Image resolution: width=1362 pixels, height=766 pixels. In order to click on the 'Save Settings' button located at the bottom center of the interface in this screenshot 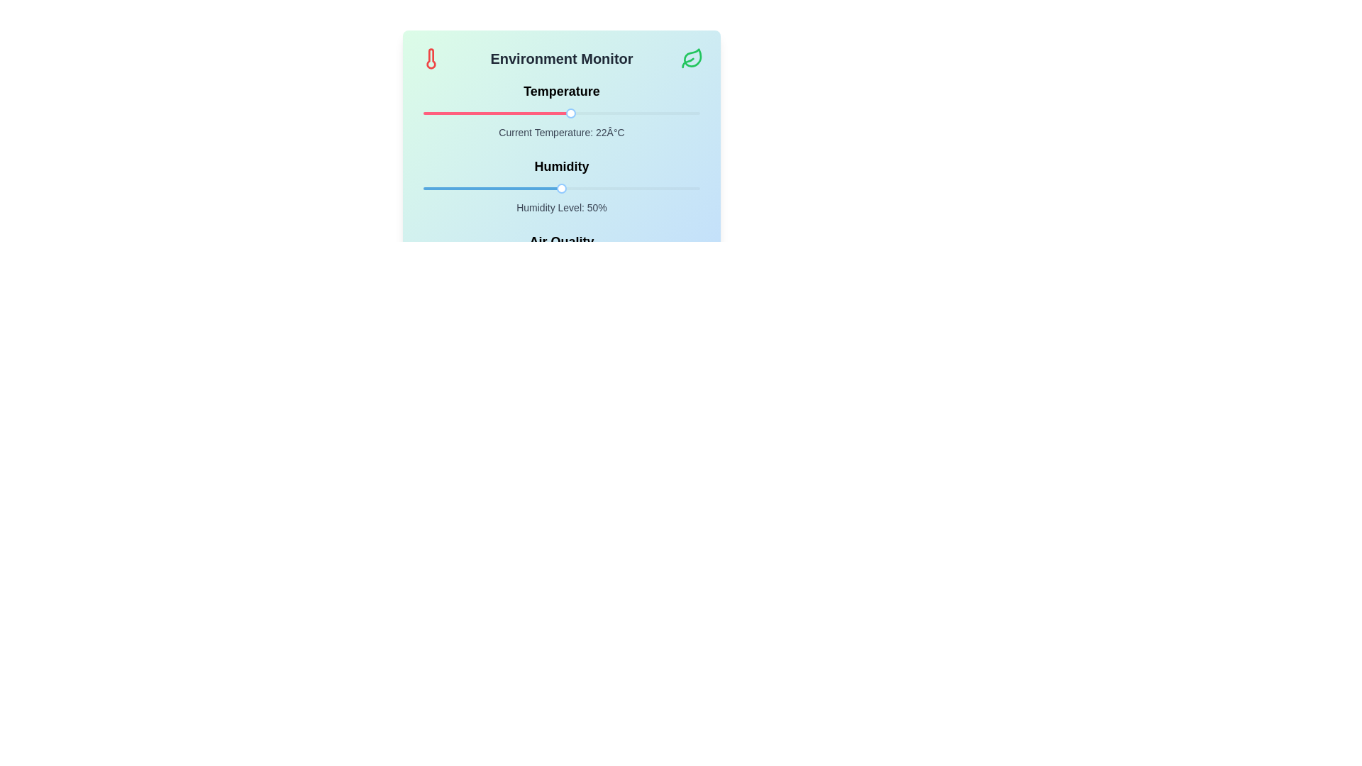, I will do `click(561, 321)`.